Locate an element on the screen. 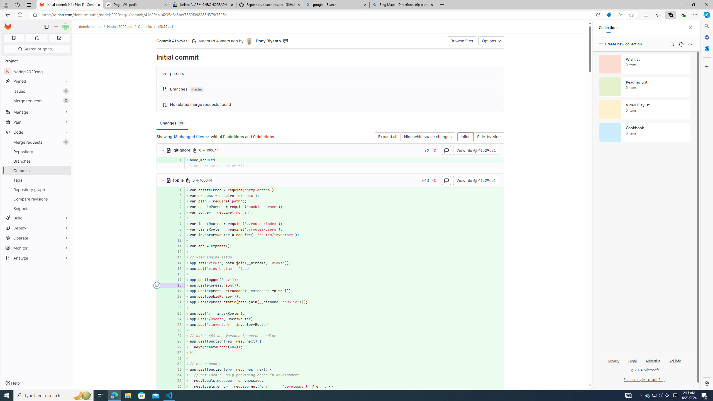 This screenshot has height=401, width=713. 'Dony Riyanto' is located at coordinates (249, 41).